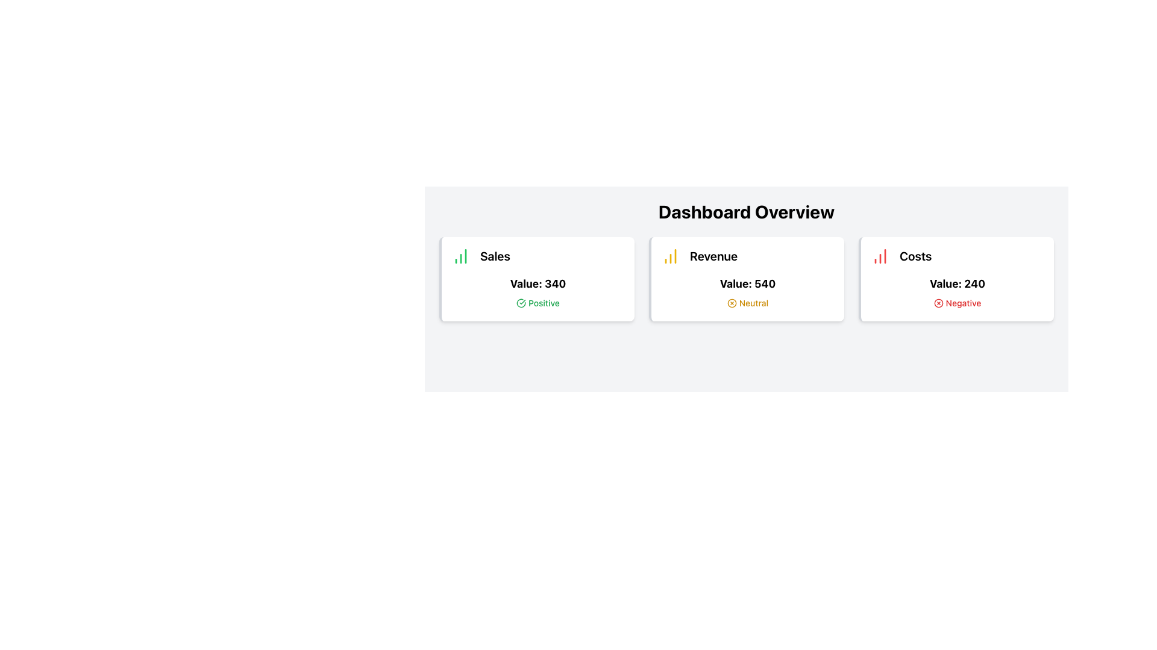 Image resolution: width=1157 pixels, height=650 pixels. Describe the element at coordinates (880, 255) in the screenshot. I see `the 'Costs' icon located` at that location.